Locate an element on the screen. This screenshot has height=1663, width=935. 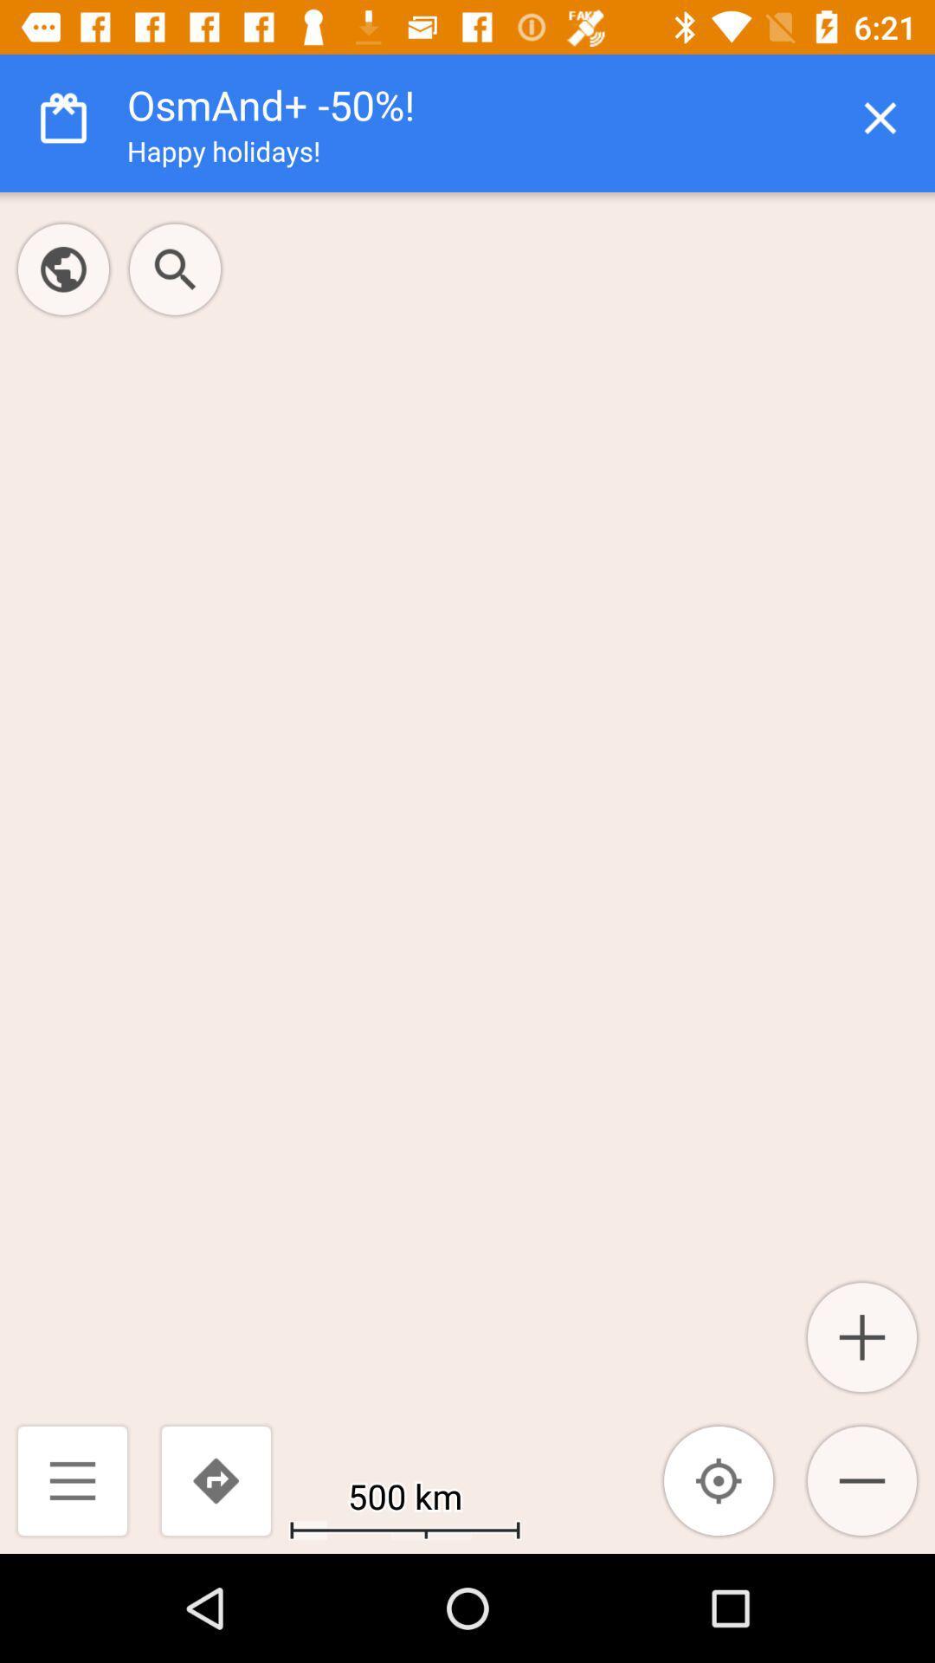
the add icon is located at coordinates (861, 1336).